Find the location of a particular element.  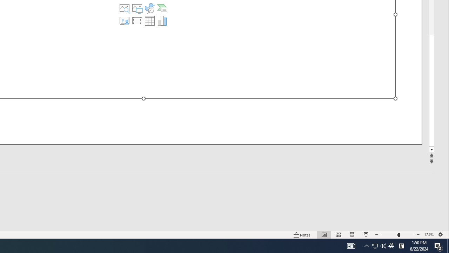

'Insert an Icon' is located at coordinates (149, 8).